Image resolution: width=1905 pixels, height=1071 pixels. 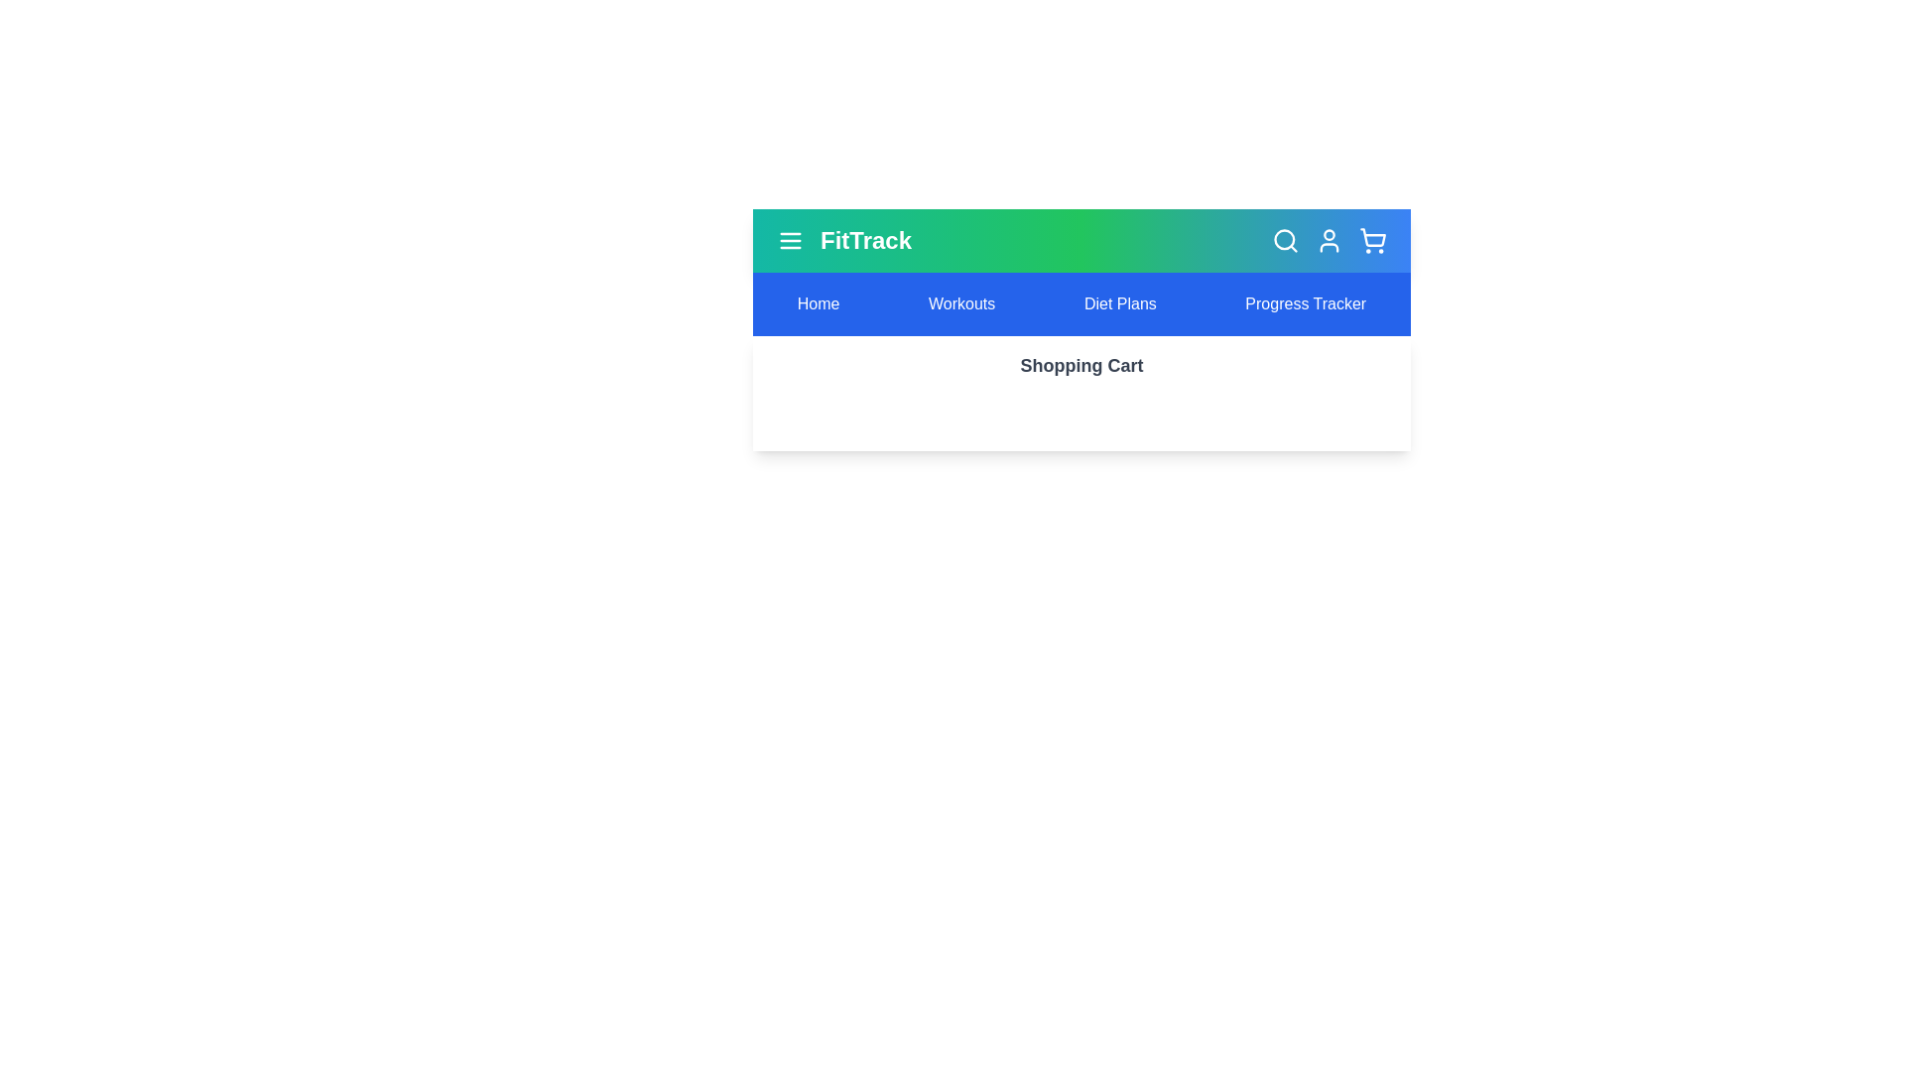 What do you see at coordinates (1286, 240) in the screenshot?
I see `the search icon to trigger its visual feedback` at bounding box center [1286, 240].